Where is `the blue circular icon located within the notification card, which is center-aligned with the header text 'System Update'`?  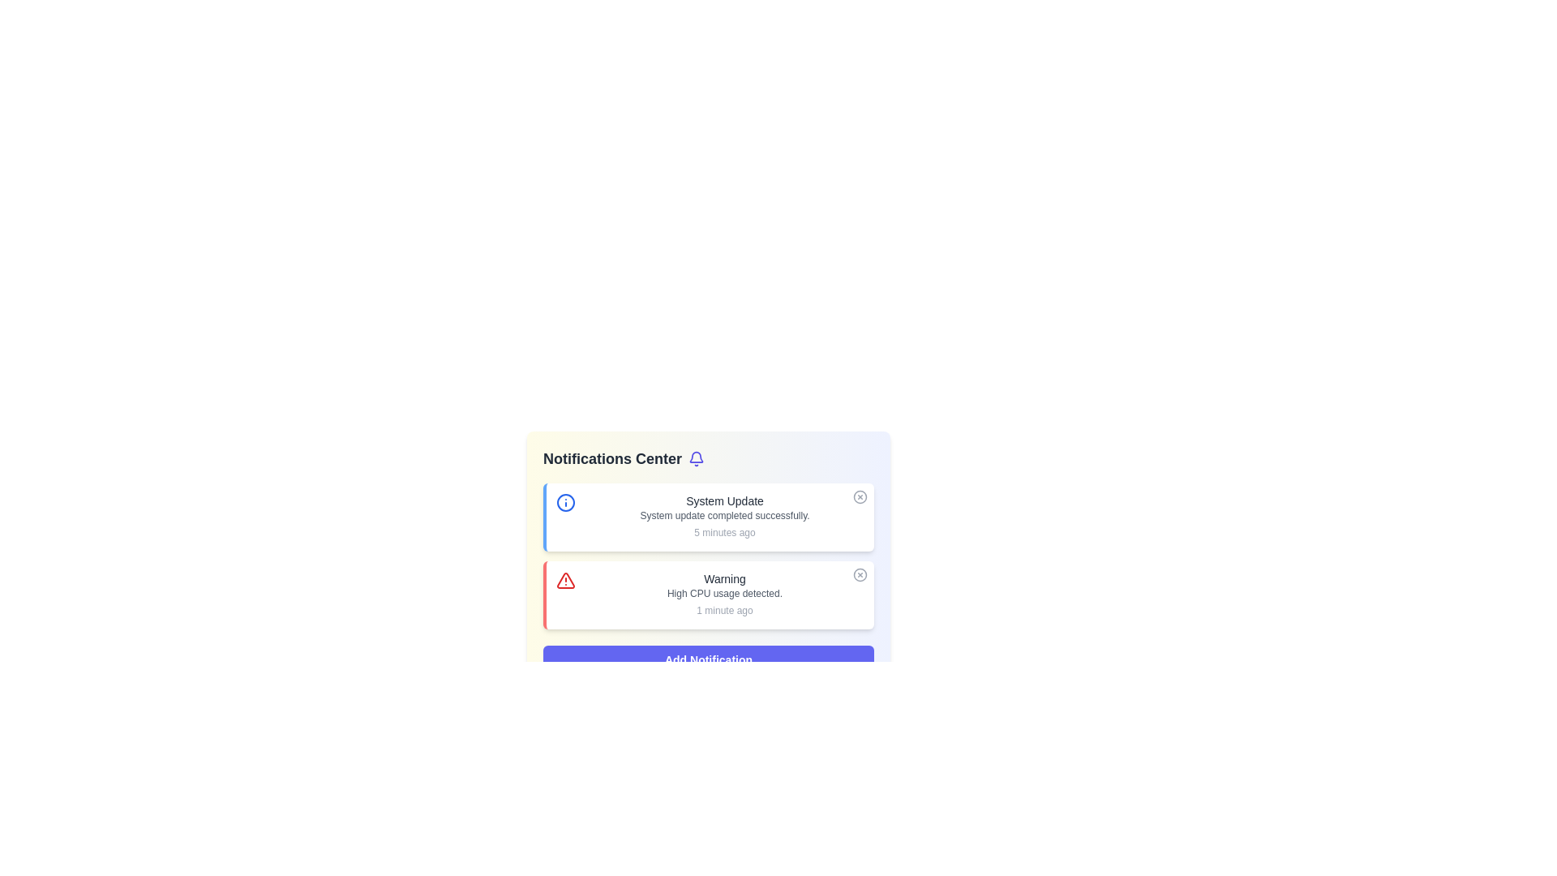 the blue circular icon located within the notification card, which is center-aligned with the header text 'System Update' is located at coordinates (565, 502).